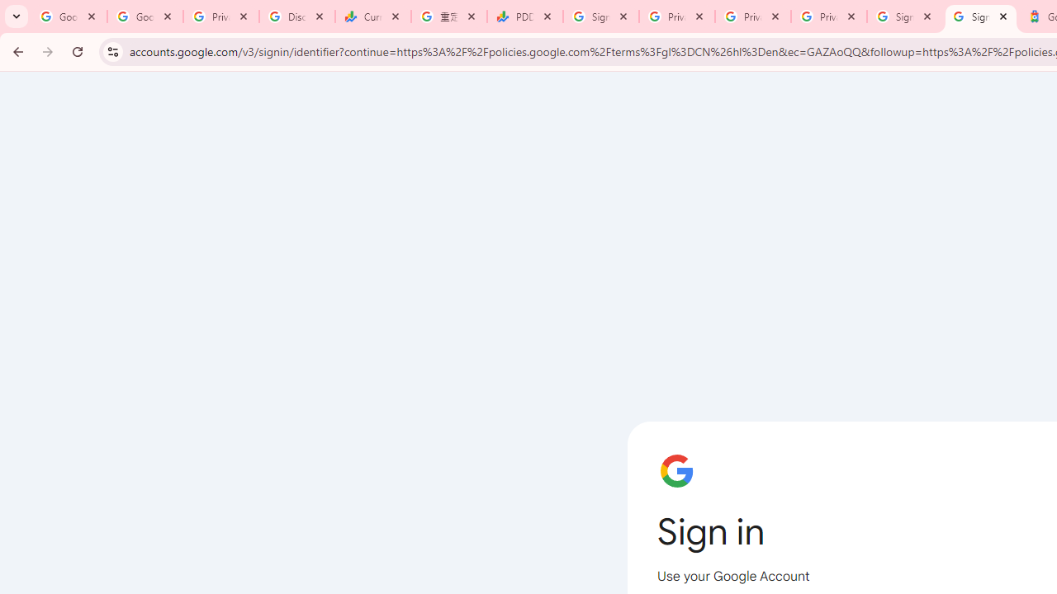  I want to click on 'Privacy Checkup', so click(752, 16).